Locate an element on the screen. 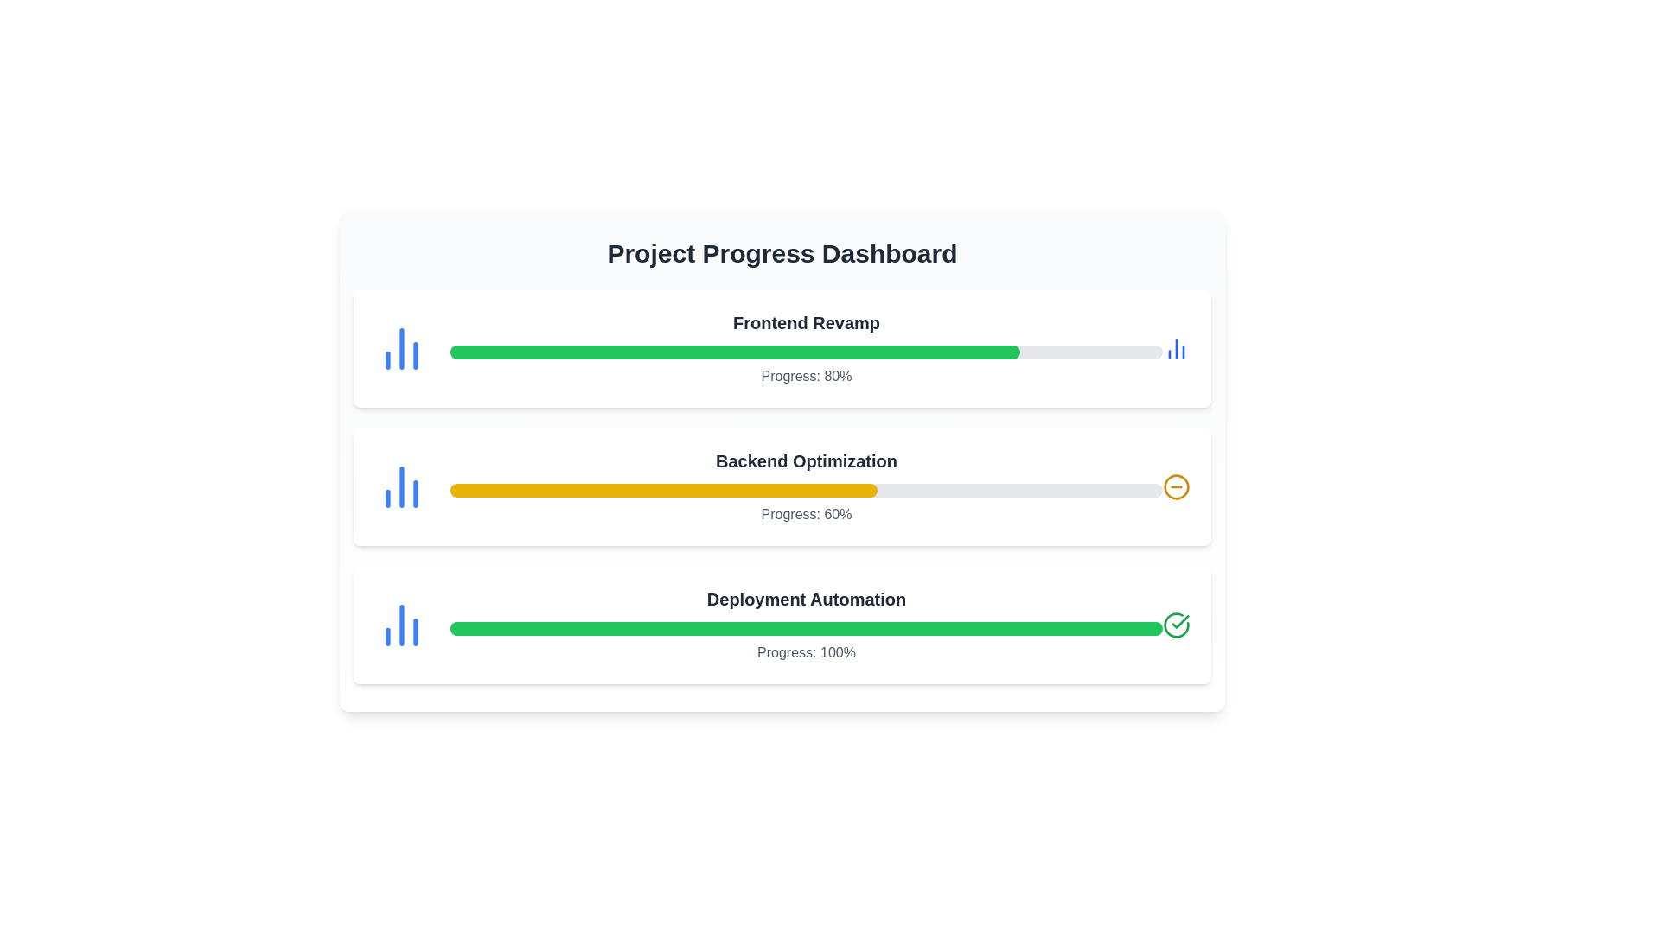  the circular SVG element located to the right of the 'Backend Optimization' progress bar is located at coordinates (1176, 486).